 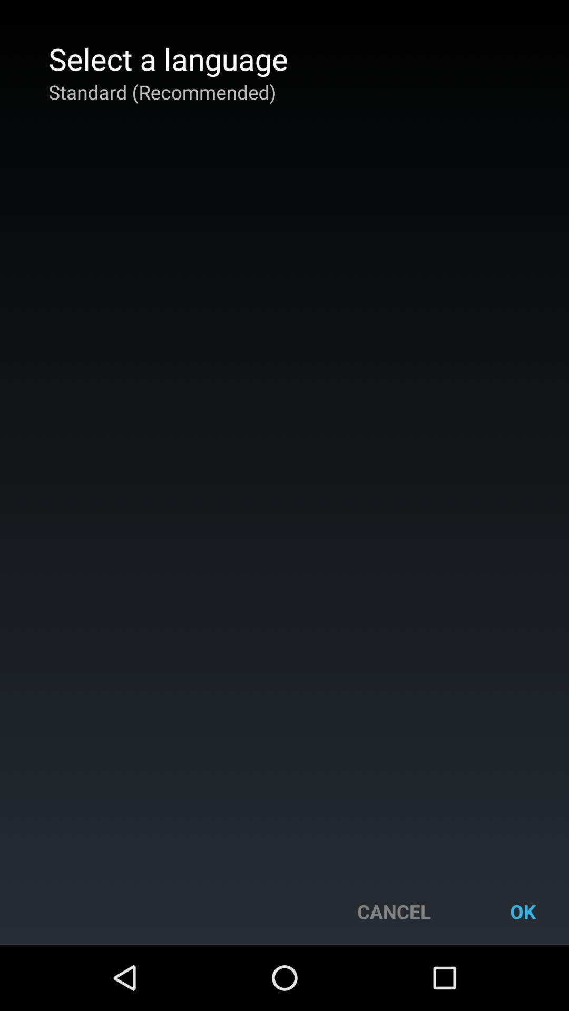 I want to click on the icon to the right of cancel item, so click(x=523, y=911).